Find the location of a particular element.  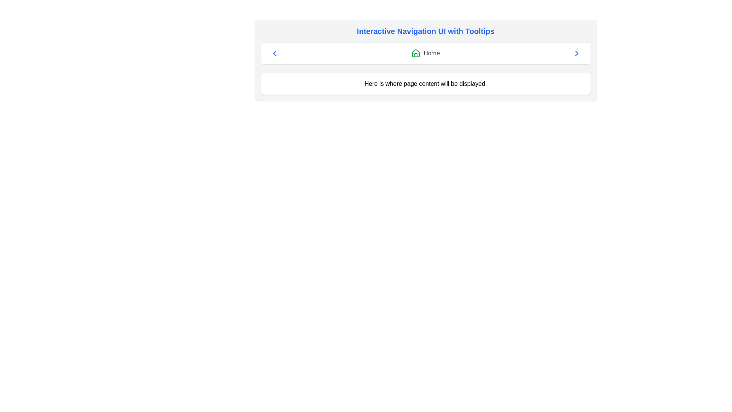

the 'Next' button located in the top-right corner of the navigation bar for keyboard navigation is located at coordinates (576, 53).